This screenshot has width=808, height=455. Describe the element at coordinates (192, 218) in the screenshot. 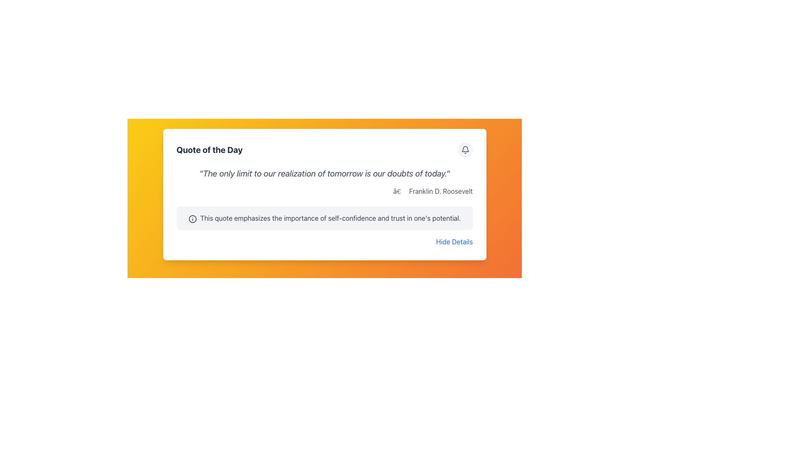

I see `the information icon located at the top-left corner of the rectangular box containing the text about self-confidence to explore further functionalities` at that location.